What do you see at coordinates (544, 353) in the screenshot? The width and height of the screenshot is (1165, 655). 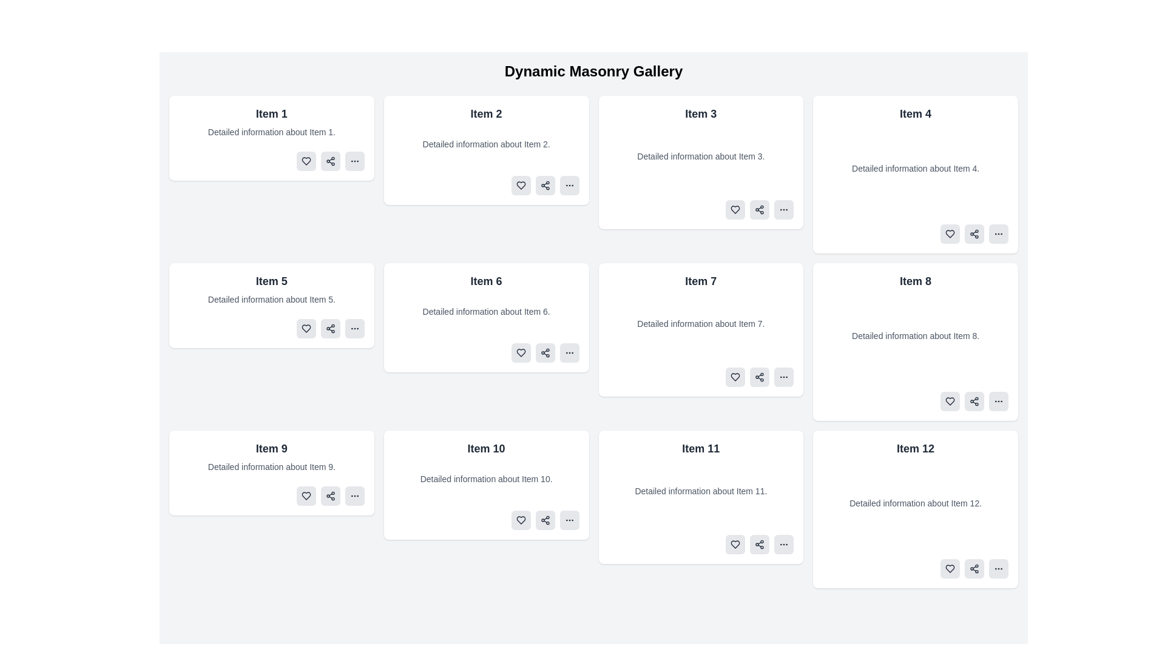 I see `the 'share' icon, which is the second icon from the left in the bottom action bar of the card labeled 'Item 6'` at bounding box center [544, 353].